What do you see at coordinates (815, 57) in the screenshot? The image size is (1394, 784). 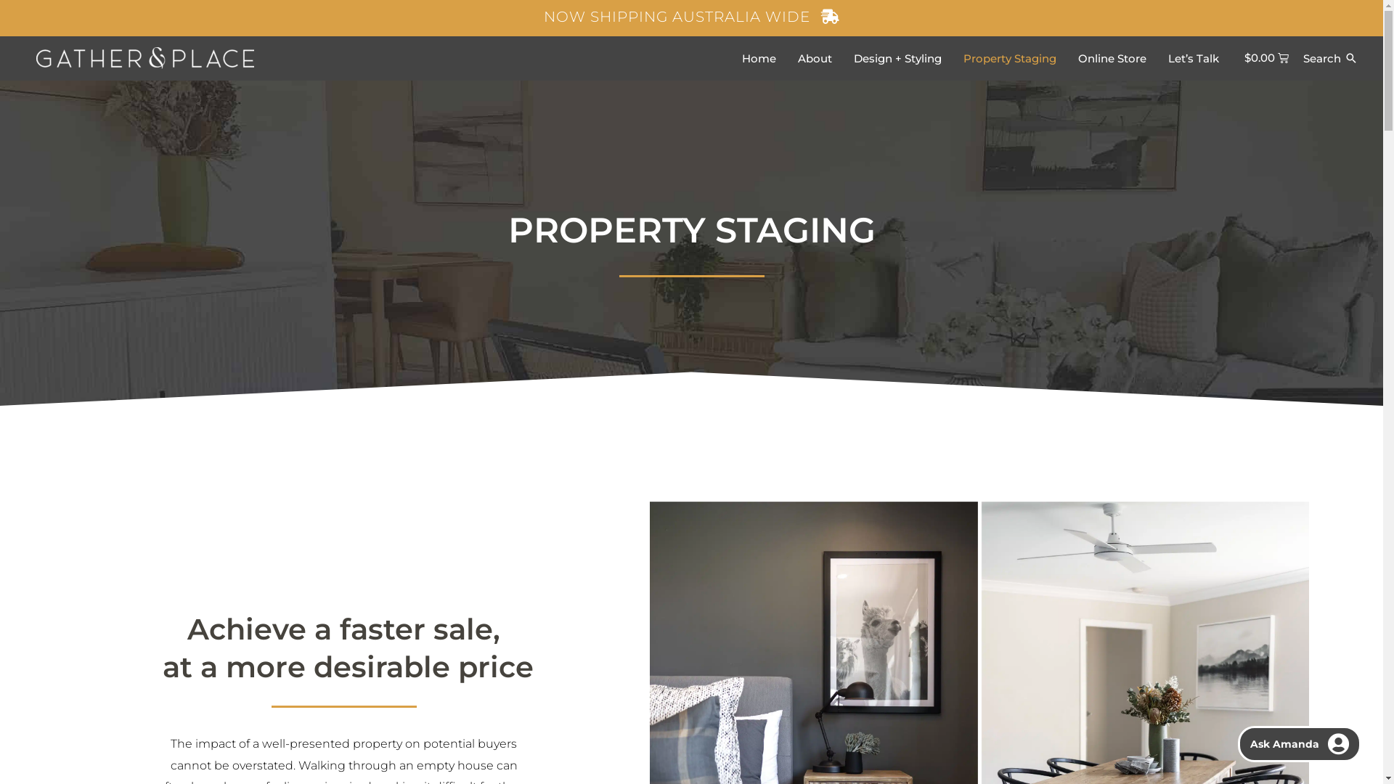 I see `'About'` at bounding box center [815, 57].